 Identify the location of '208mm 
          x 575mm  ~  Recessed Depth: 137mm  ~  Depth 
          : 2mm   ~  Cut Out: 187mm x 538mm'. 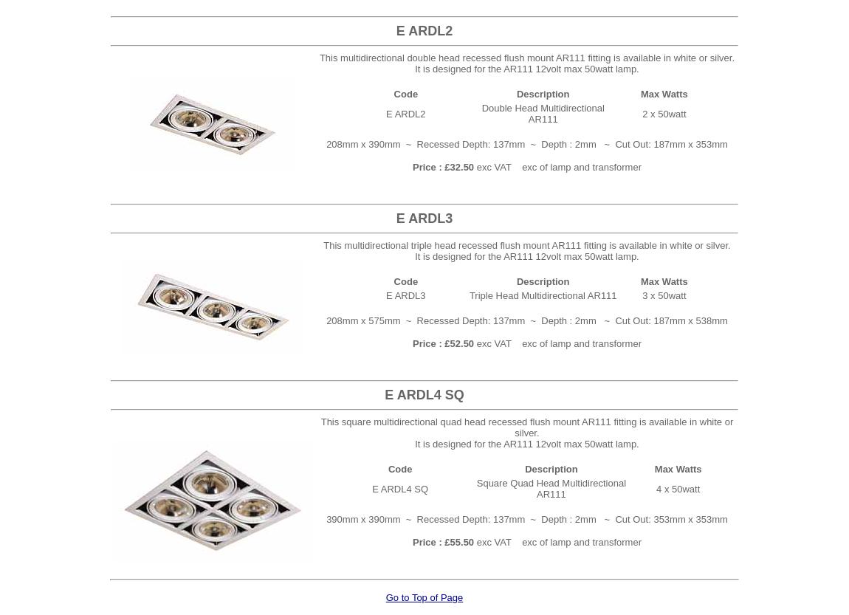
(526, 320).